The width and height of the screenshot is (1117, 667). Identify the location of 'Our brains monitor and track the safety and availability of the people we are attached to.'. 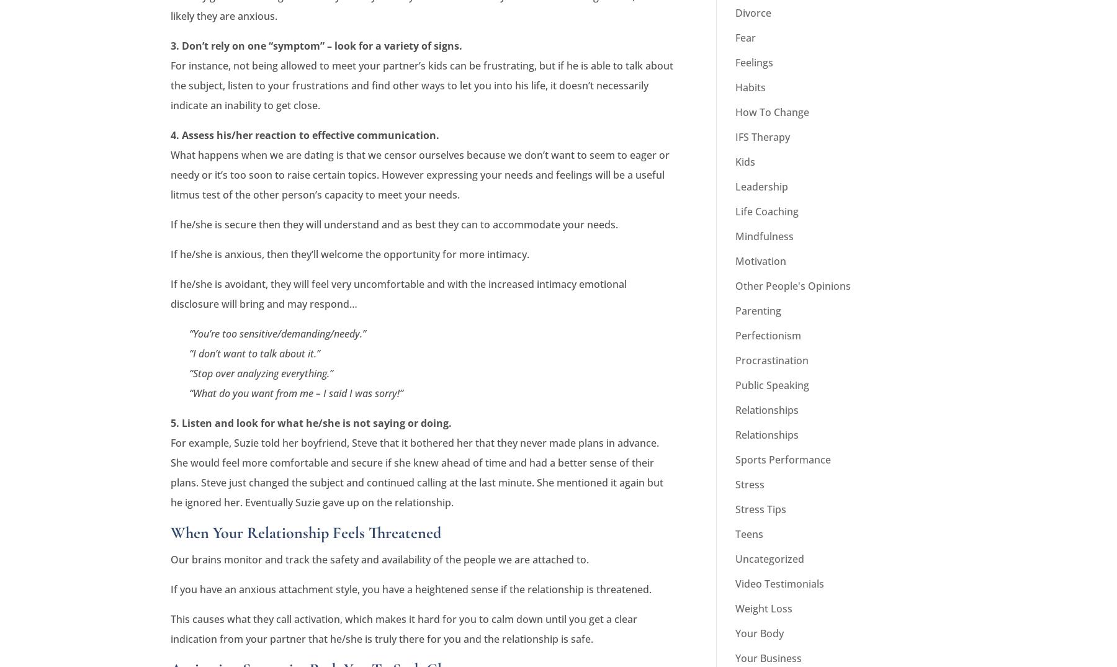
(380, 559).